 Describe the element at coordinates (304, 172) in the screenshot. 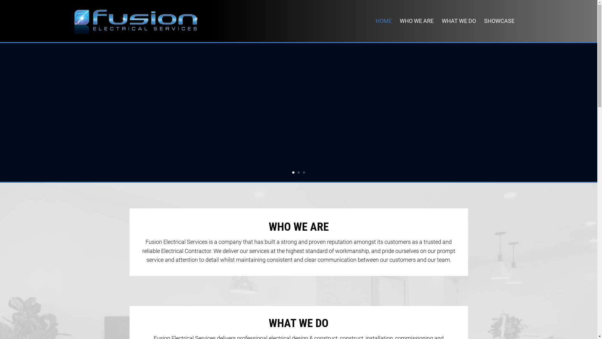

I see `'3'` at that location.